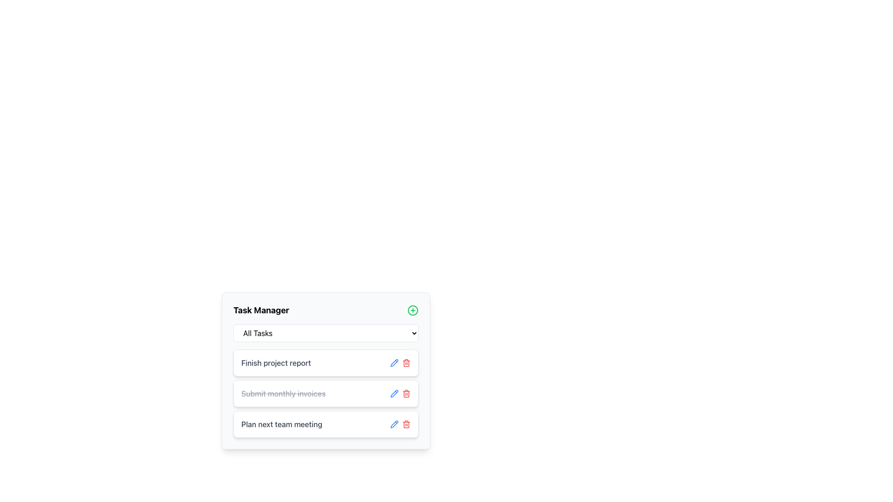 This screenshot has height=502, width=893. I want to click on the 'Task Manager' text label which serves as a title for the section underneath, so click(260, 310).